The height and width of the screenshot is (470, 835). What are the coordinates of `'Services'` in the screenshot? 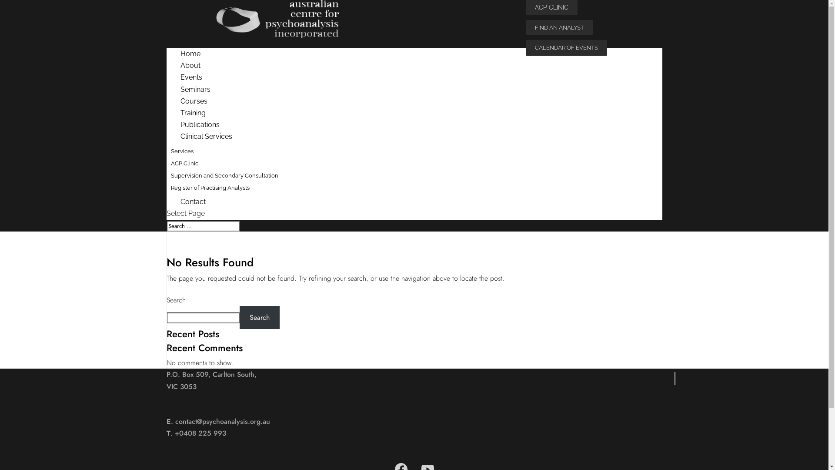 It's located at (181, 150).